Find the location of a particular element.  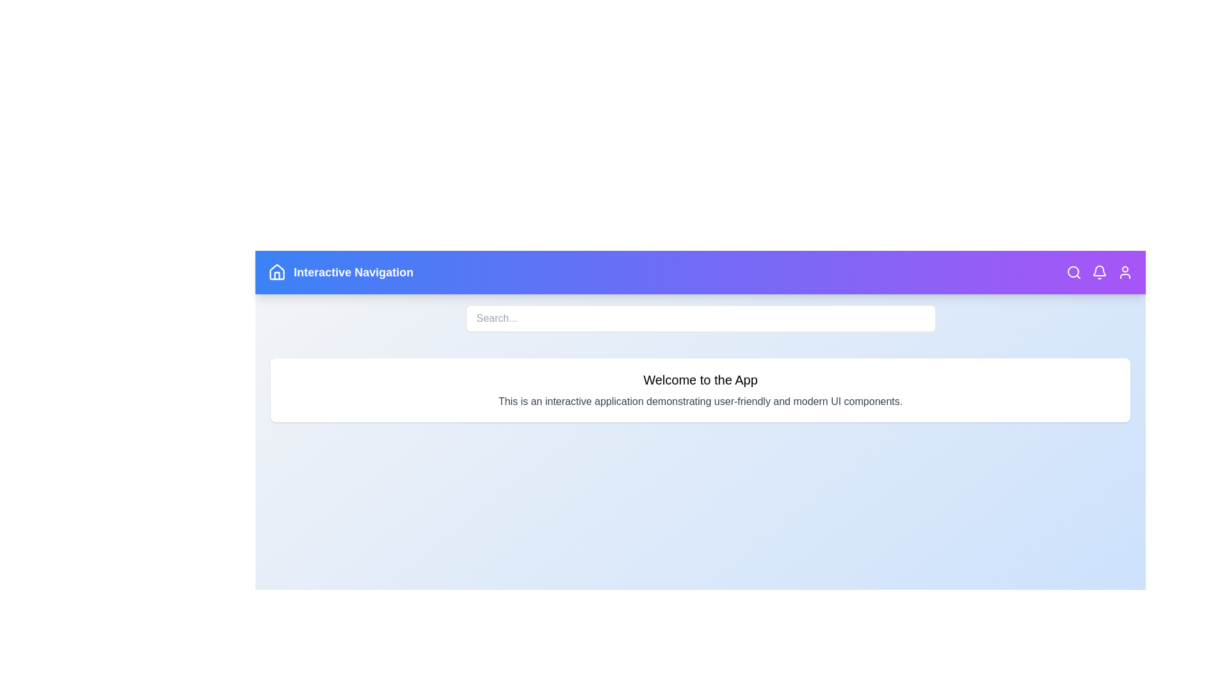

the Bell Icon to see the tooltip or visual feedback is located at coordinates (1099, 271).